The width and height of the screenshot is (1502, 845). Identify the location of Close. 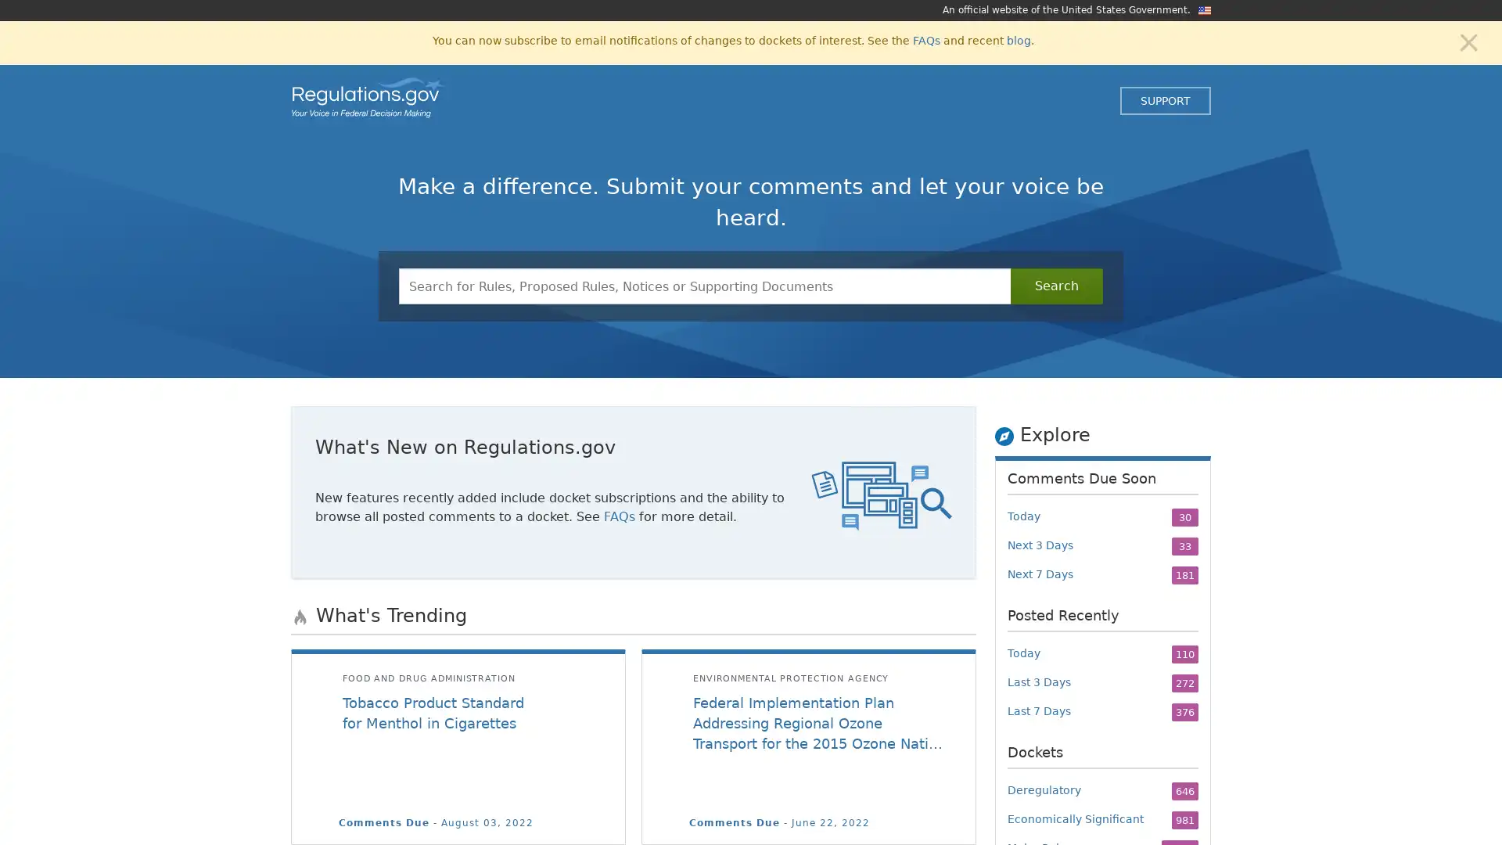
(1468, 41).